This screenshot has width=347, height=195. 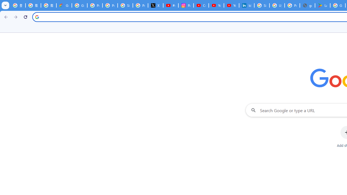 I want to click on 'google_privacy_policy_en.pdf', so click(x=307, y=5).